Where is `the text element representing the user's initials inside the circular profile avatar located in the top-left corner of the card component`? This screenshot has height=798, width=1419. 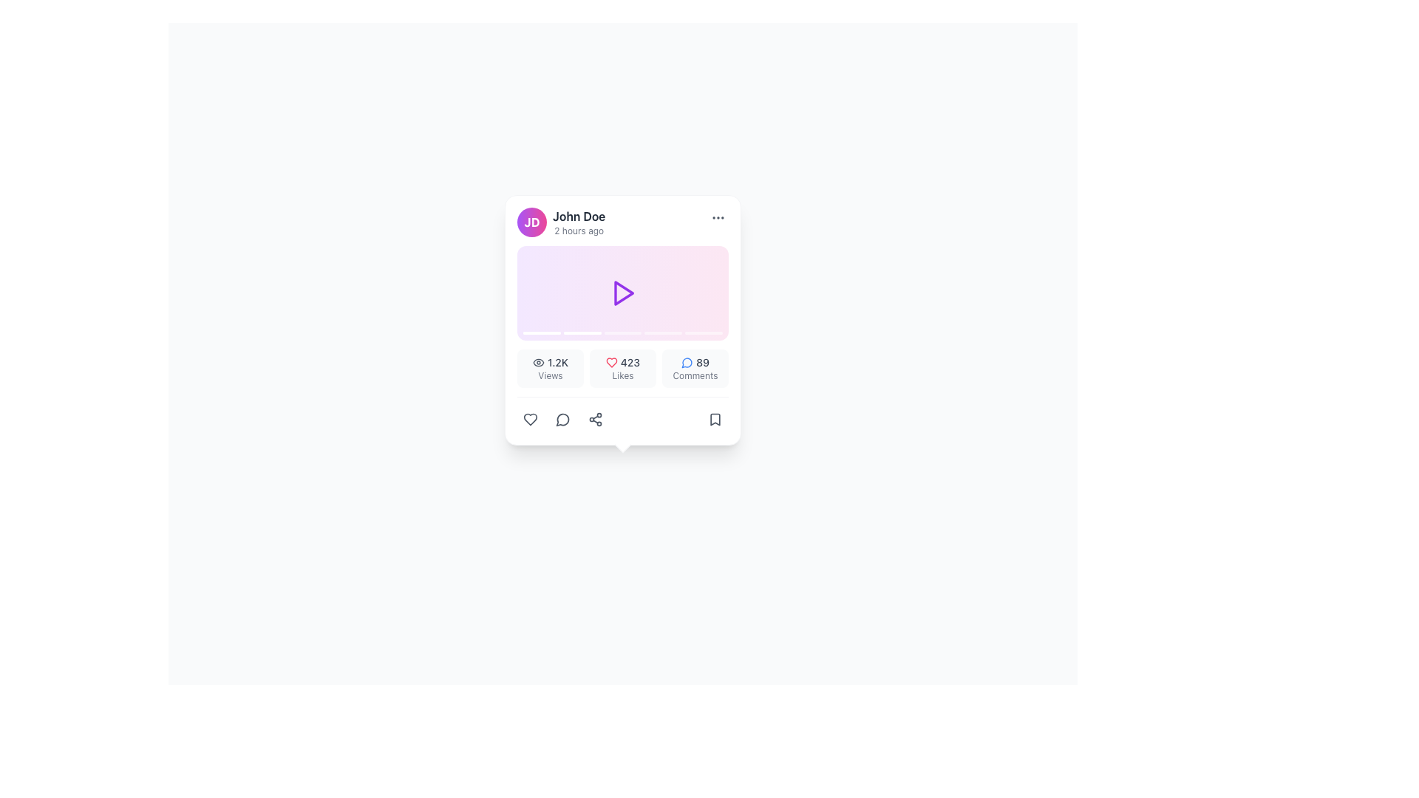 the text element representing the user's initials inside the circular profile avatar located in the top-left corner of the card component is located at coordinates (532, 222).